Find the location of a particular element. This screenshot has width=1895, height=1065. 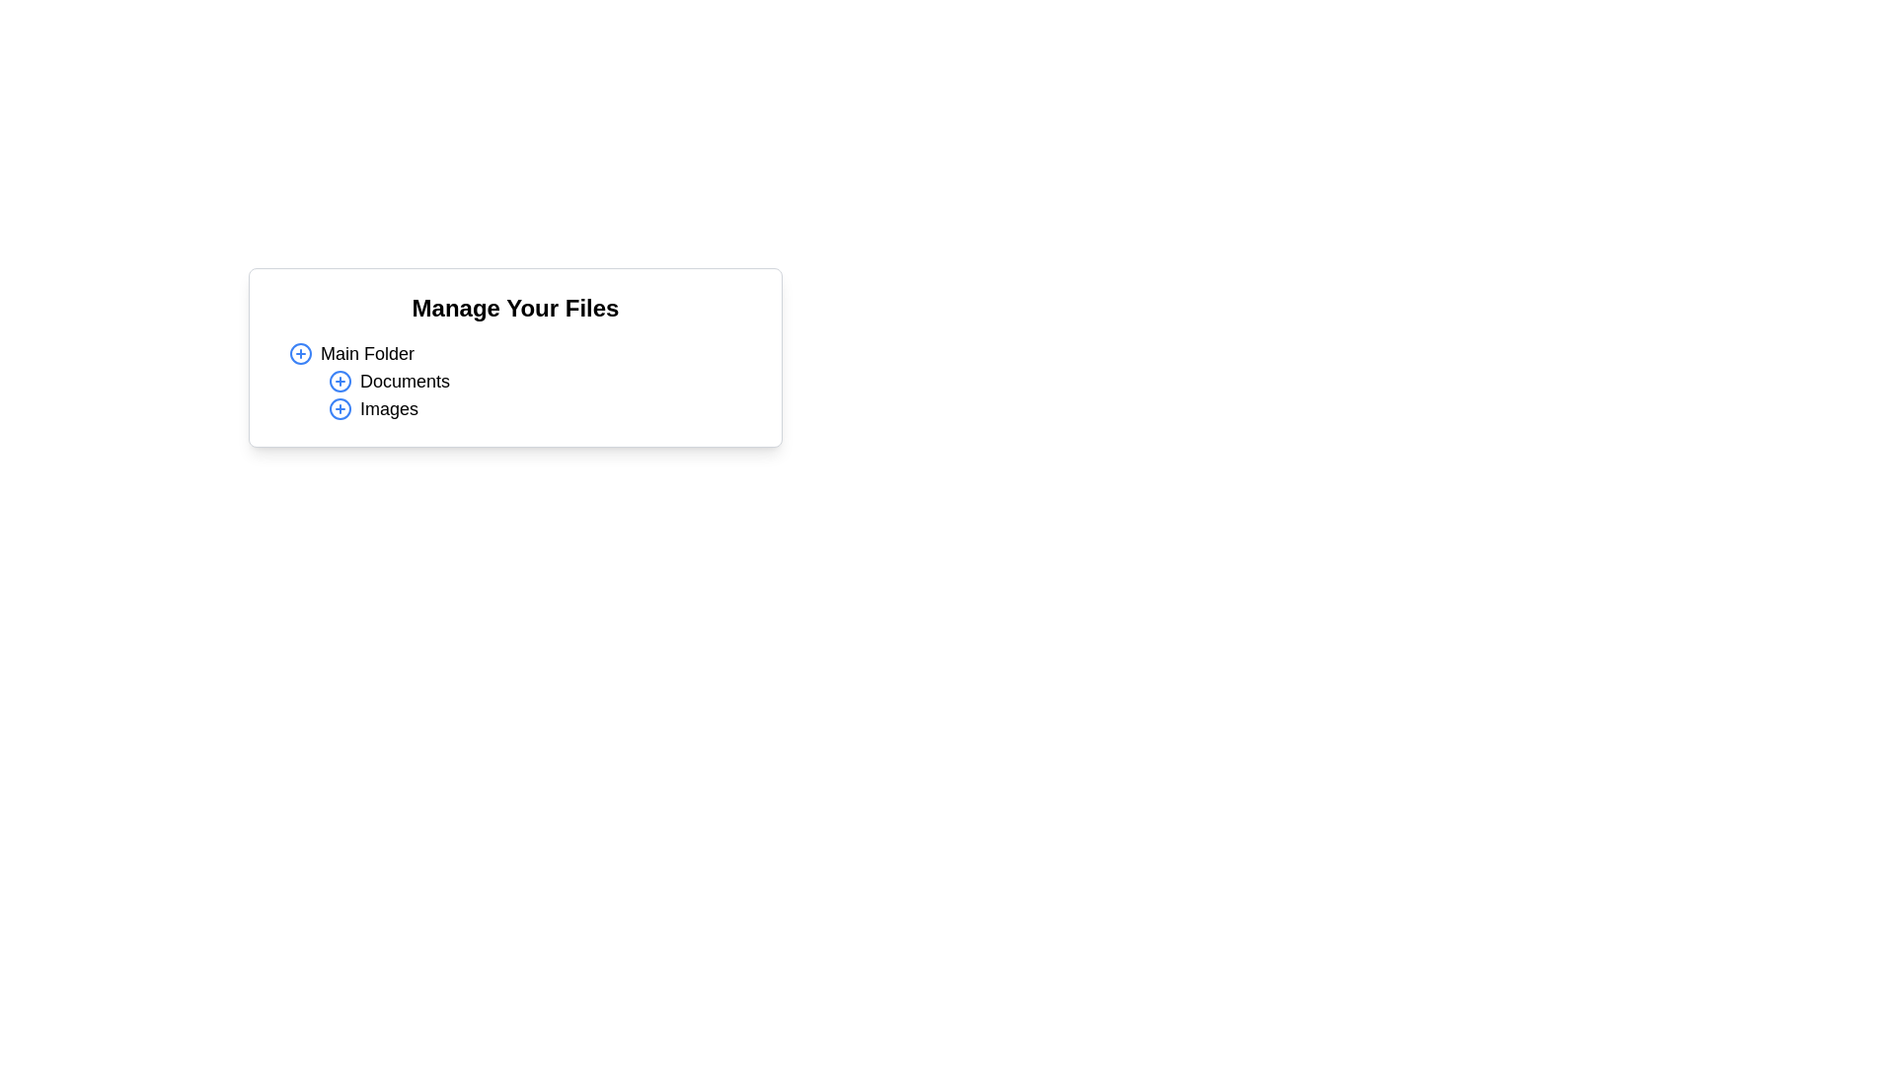

the text label for the 'Documents' folder, which is the second item under 'Manage Your Files' and is aligned with a folder icon is located at coordinates (404, 381).